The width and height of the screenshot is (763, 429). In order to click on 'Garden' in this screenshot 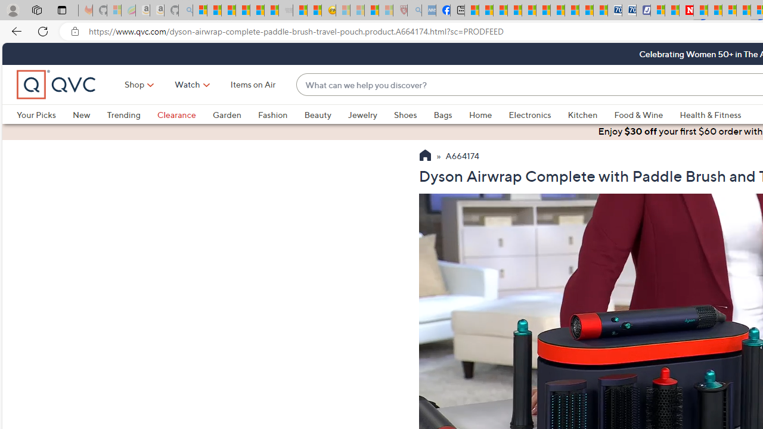, I will do `click(227, 114)`.